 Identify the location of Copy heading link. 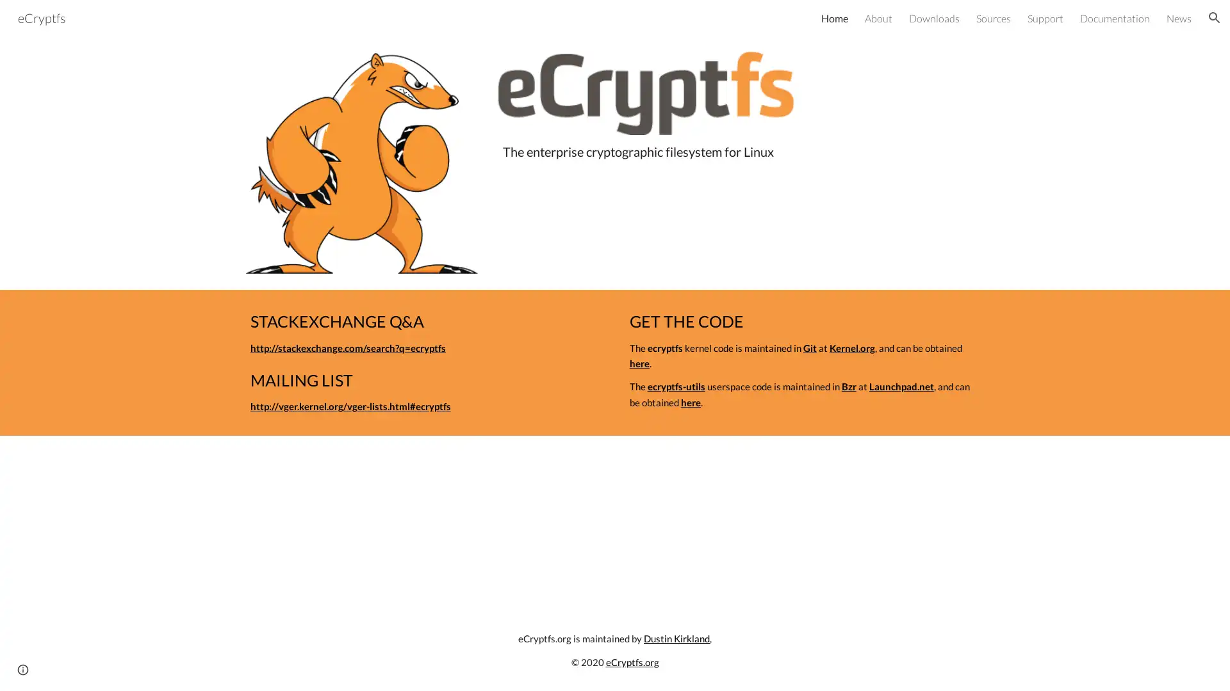
(438, 320).